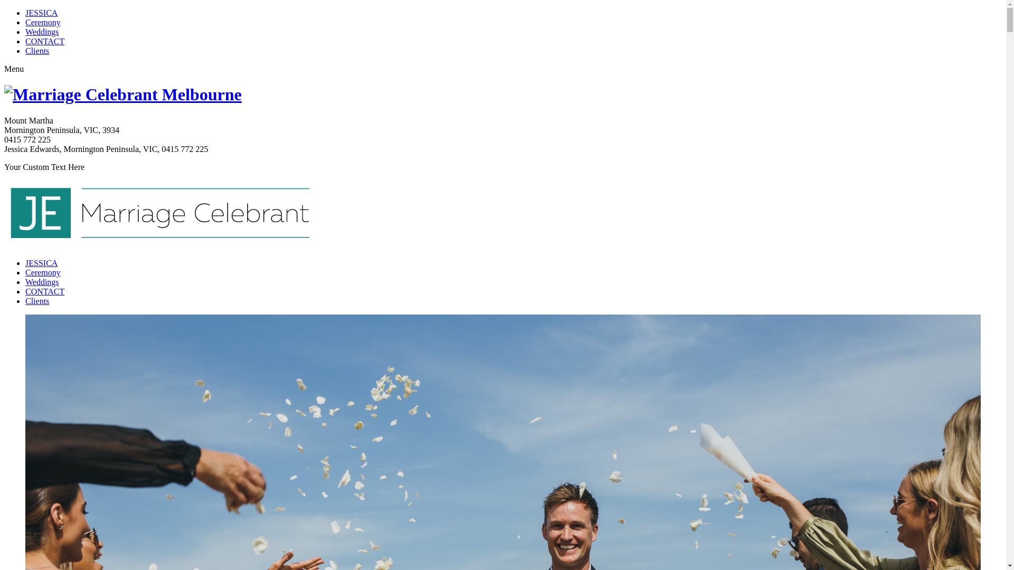  Describe the element at coordinates (25, 262) in the screenshot. I see `'JESSICA'` at that location.